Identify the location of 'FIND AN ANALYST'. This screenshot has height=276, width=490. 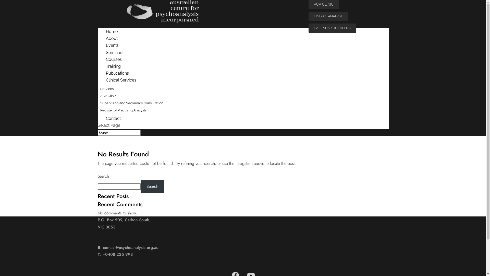
(328, 16).